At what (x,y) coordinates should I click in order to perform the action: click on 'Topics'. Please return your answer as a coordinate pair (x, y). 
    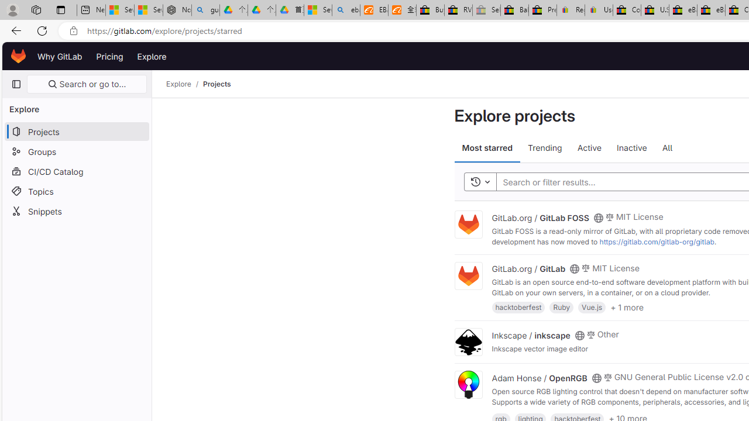
    Looking at the image, I should click on (76, 190).